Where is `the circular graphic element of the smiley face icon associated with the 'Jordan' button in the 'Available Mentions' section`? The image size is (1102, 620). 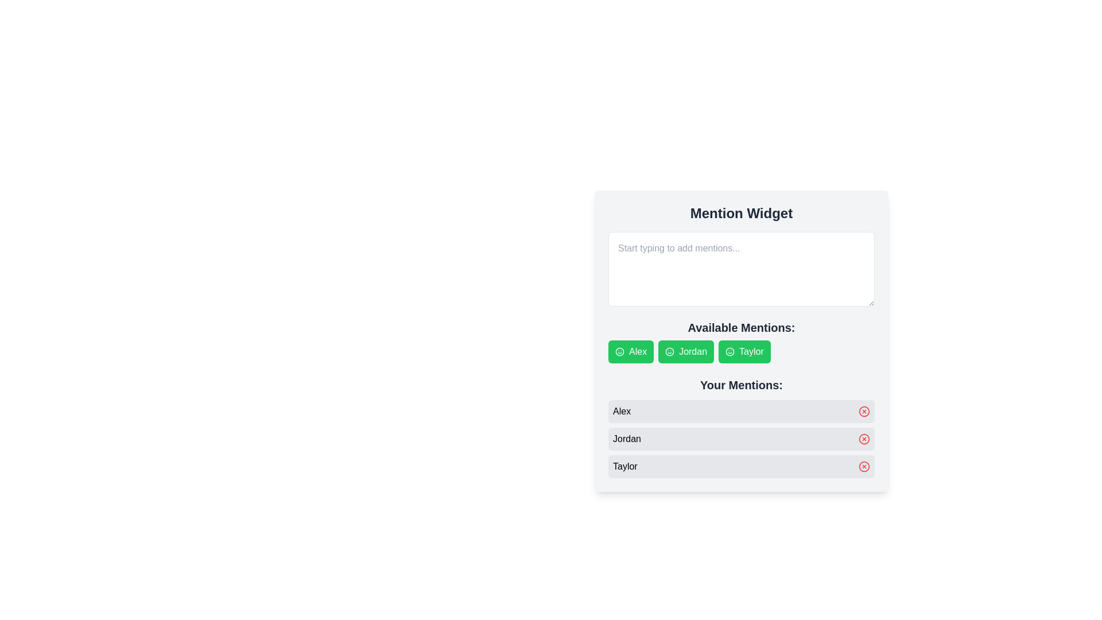 the circular graphic element of the smiley face icon associated with the 'Jordan' button in the 'Available Mentions' section is located at coordinates (670, 351).